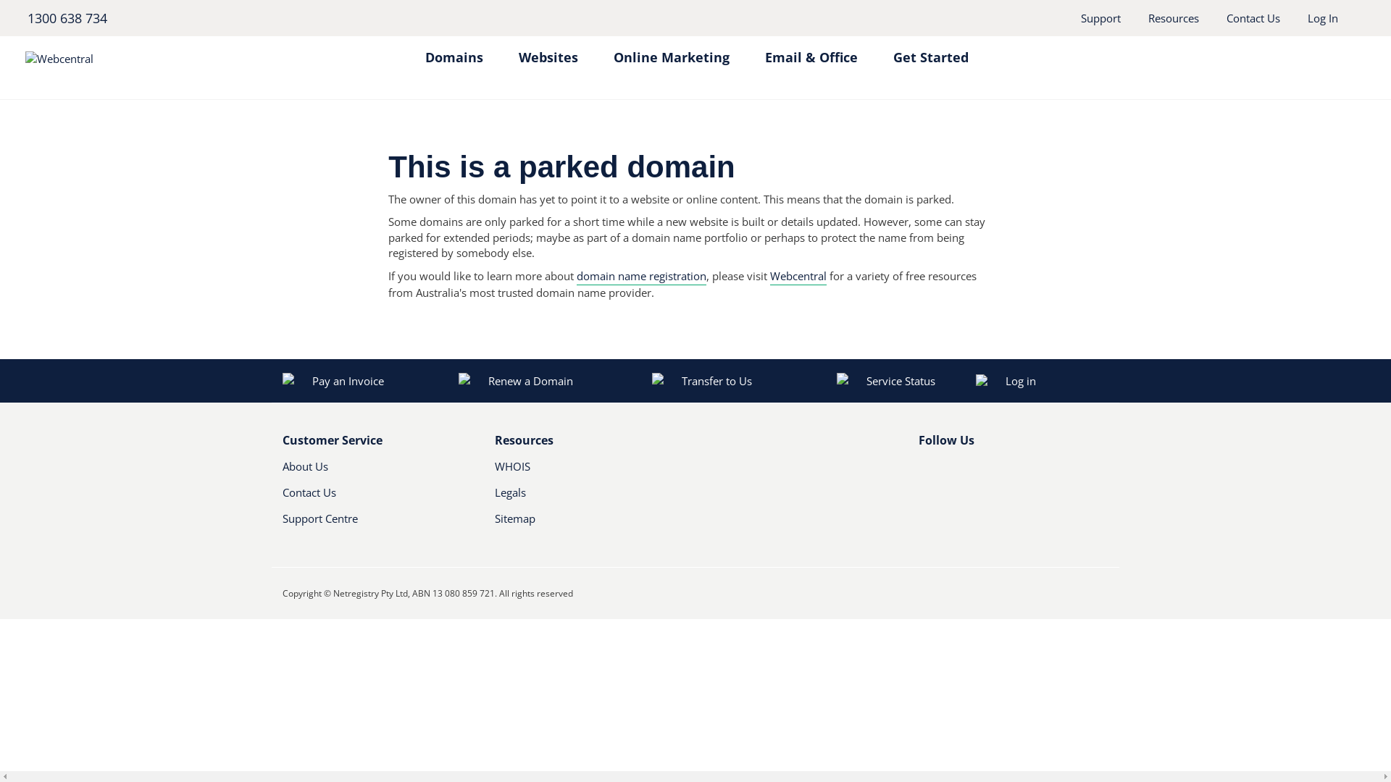  What do you see at coordinates (574, 471) in the screenshot?
I see `'WHOIS'` at bounding box center [574, 471].